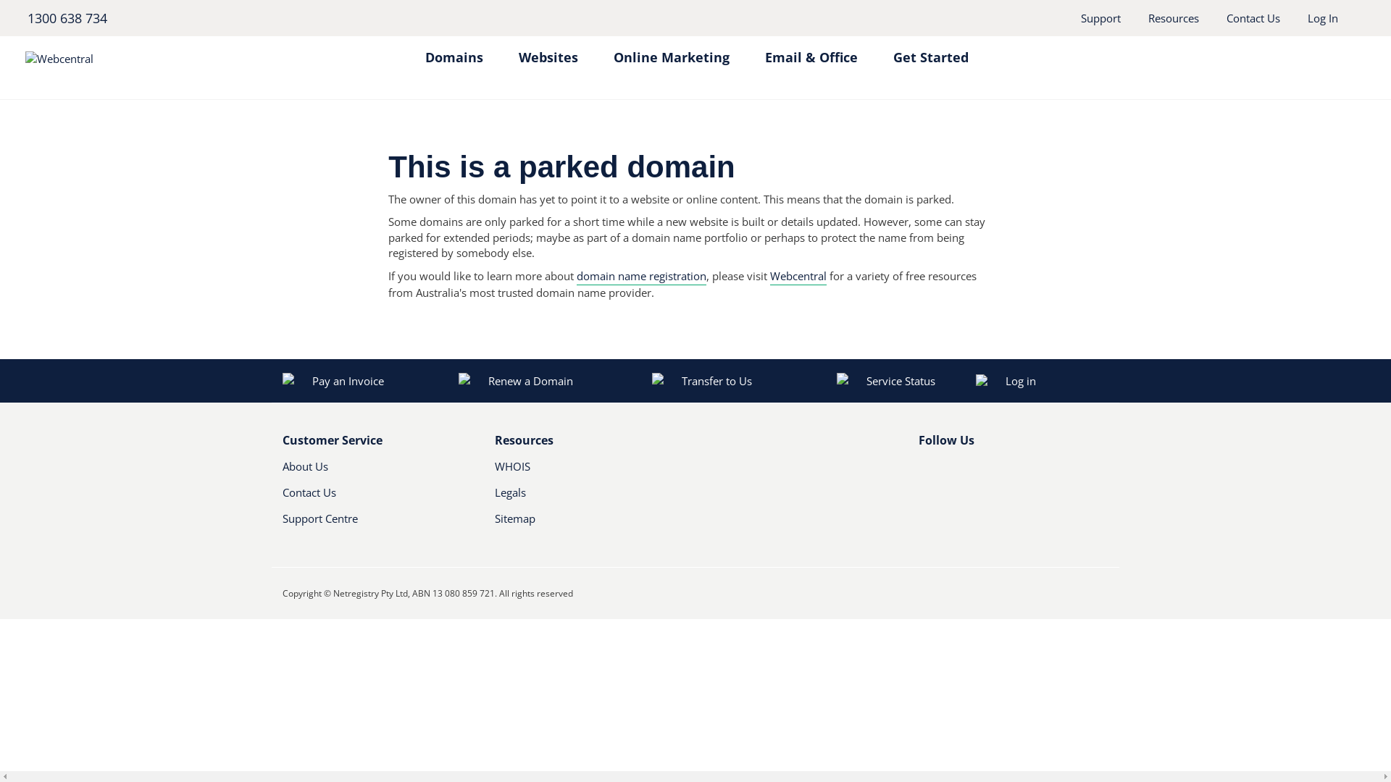  What do you see at coordinates (574, 471) in the screenshot?
I see `'WHOIS'` at bounding box center [574, 471].